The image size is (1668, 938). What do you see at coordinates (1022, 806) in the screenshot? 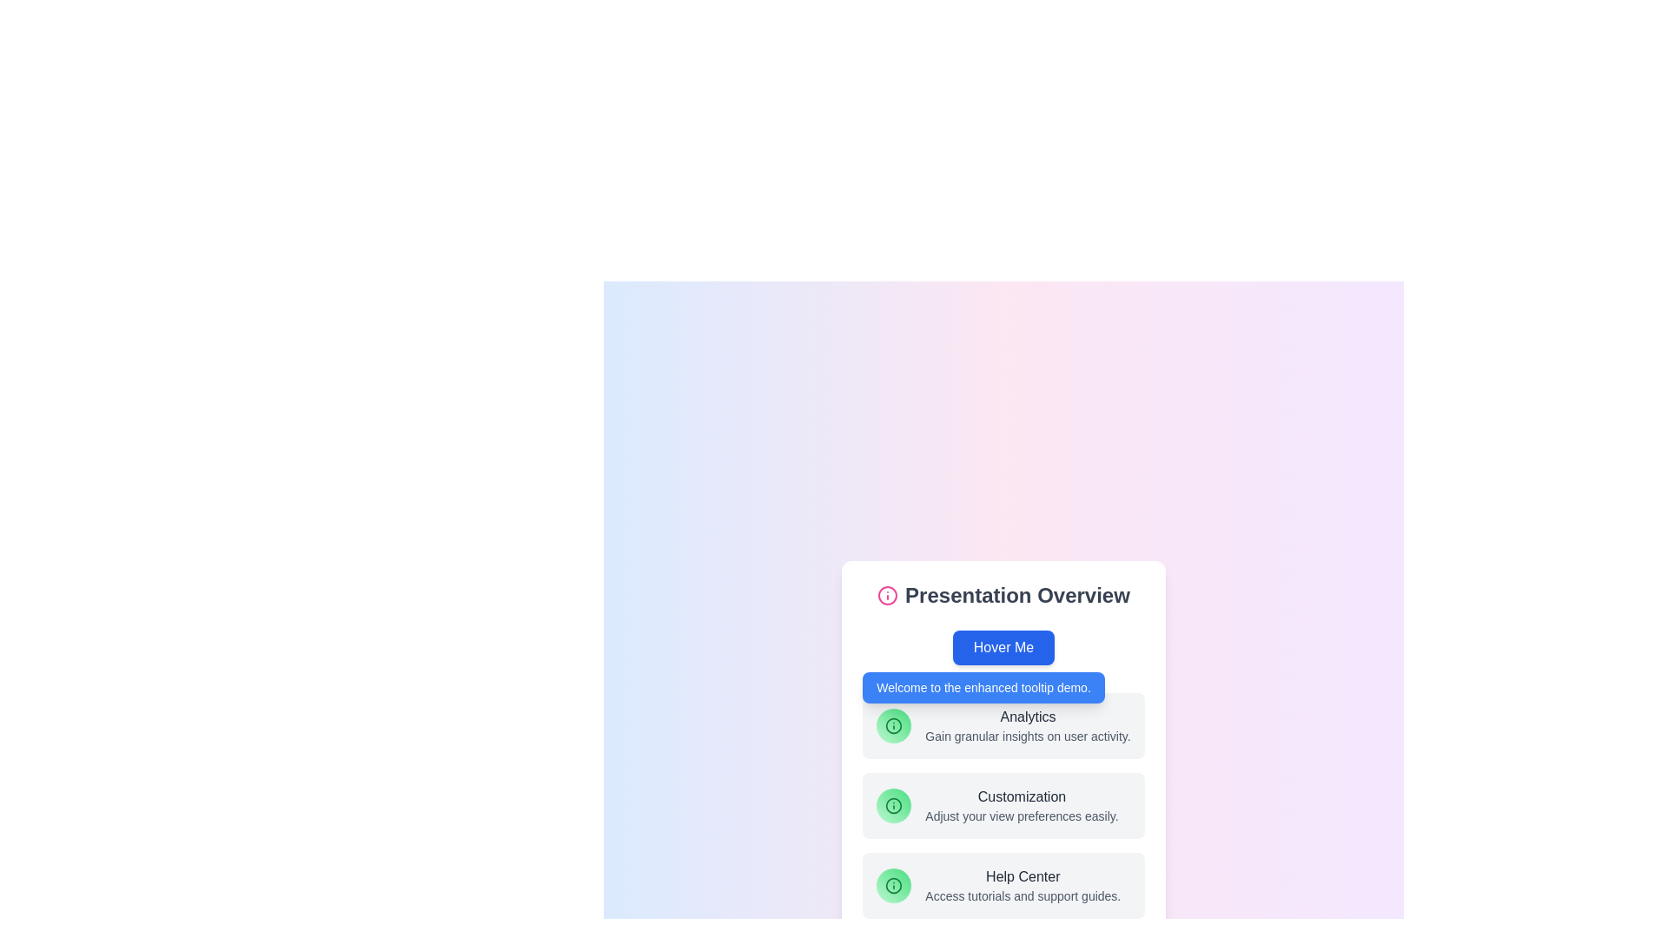
I see `text from the 'Customization' text block, which consists of a bold title 'Customization' and a brief description 'Adjust your view preferences easily.'` at bounding box center [1022, 806].